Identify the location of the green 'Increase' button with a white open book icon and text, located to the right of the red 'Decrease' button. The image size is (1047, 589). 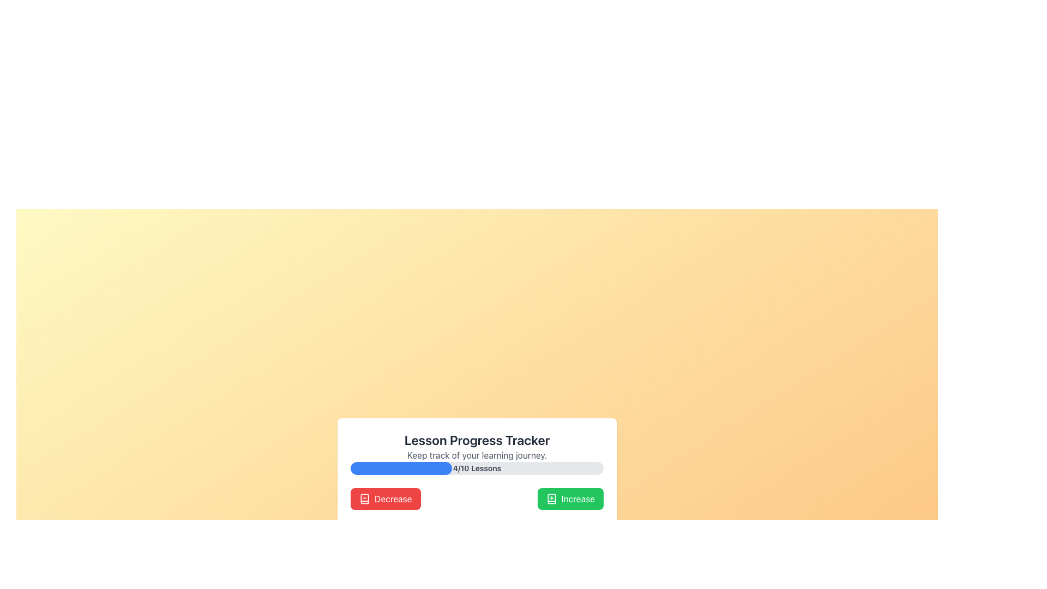
(570, 498).